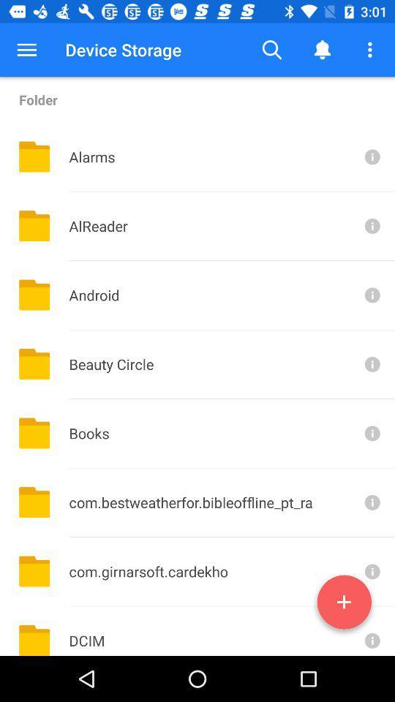 The image size is (395, 702). What do you see at coordinates (371, 433) in the screenshot?
I see `more information on books folder` at bounding box center [371, 433].